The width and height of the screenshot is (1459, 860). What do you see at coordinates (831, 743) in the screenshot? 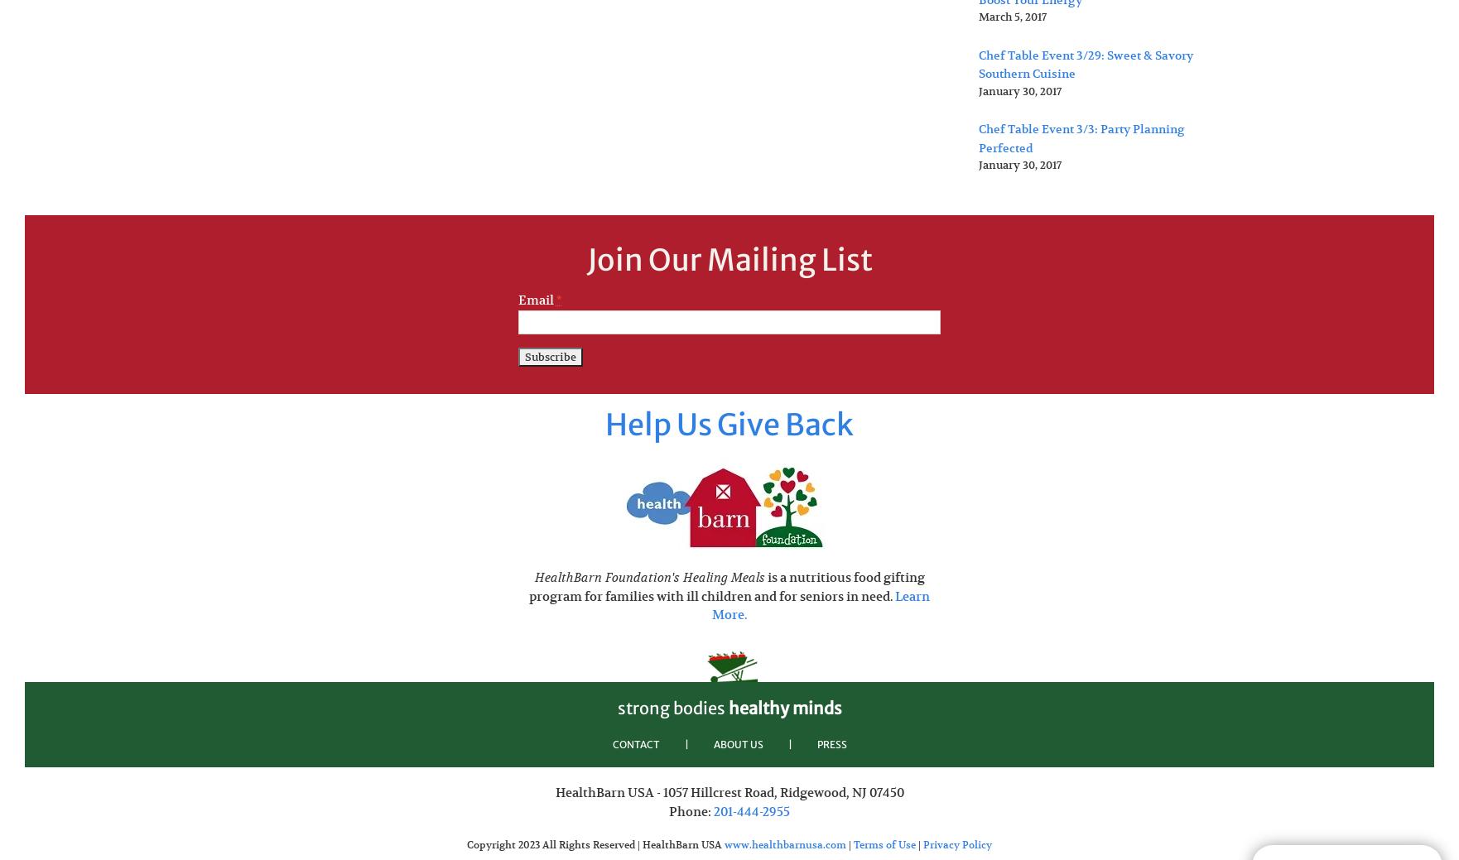
I see `'PRESS'` at bounding box center [831, 743].